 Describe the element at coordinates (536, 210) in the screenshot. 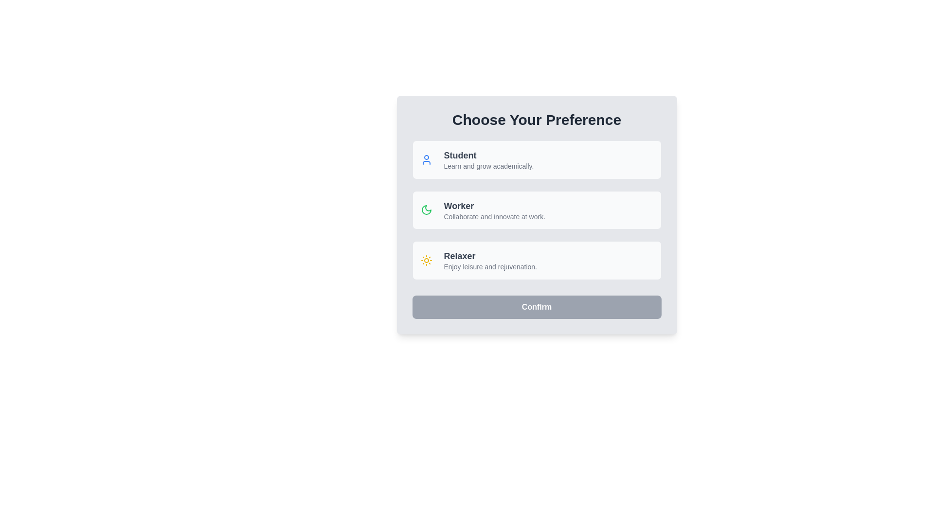

I see `one of the individual options in the group of selectable options located centrally below the title 'Choose Your Preference'` at that location.